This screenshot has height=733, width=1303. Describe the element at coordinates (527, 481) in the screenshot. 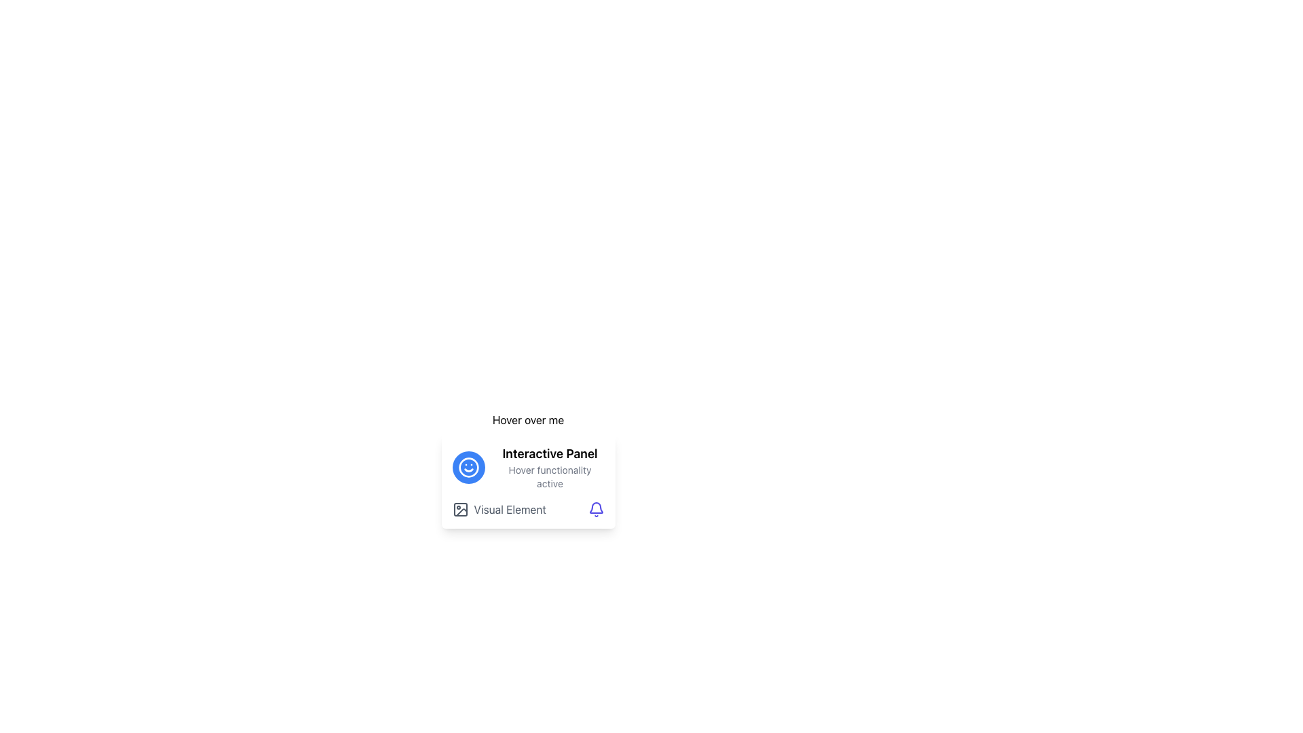

I see `the Informational Panel located below the 'Hover over me' text, which serves as an interactive and visual component` at that location.